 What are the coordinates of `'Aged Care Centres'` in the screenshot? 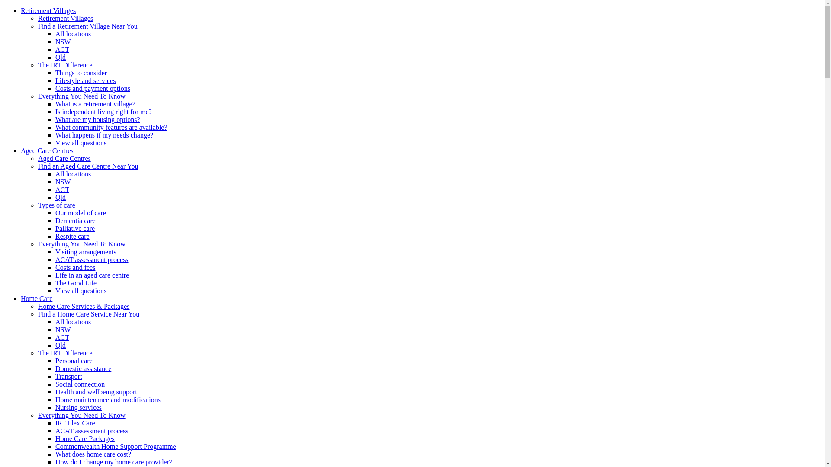 It's located at (64, 158).